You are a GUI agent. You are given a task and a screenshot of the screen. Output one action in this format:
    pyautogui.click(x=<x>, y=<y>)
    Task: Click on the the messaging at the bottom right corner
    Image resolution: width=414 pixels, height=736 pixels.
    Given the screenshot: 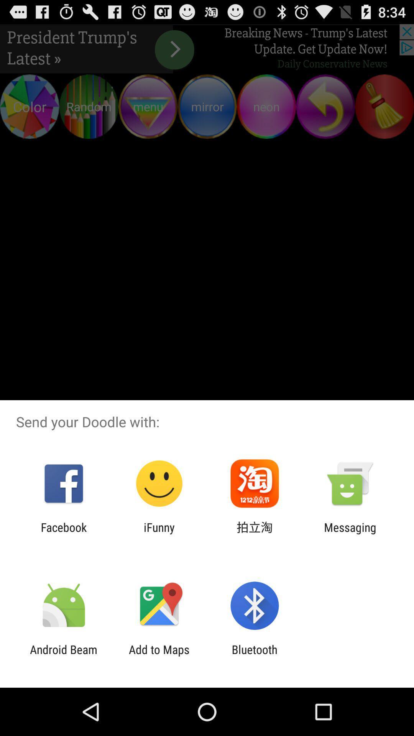 What is the action you would take?
    pyautogui.click(x=350, y=534)
    